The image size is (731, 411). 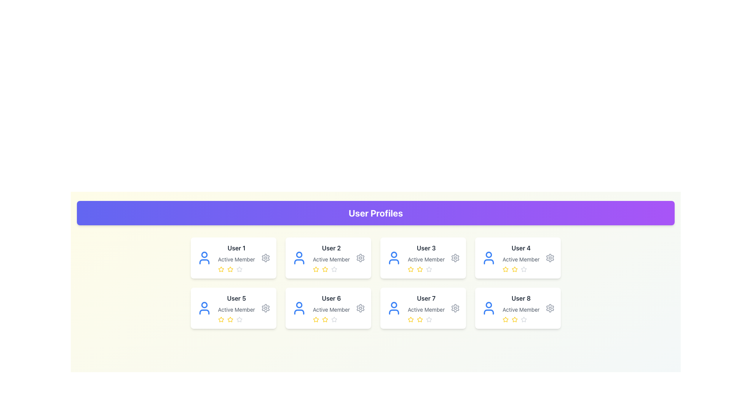 What do you see at coordinates (410, 269) in the screenshot?
I see `the first star-shaped icon filled with yellow in the rating section of the user profile card for 'User 3', located beside the label 'Active Member'` at bounding box center [410, 269].